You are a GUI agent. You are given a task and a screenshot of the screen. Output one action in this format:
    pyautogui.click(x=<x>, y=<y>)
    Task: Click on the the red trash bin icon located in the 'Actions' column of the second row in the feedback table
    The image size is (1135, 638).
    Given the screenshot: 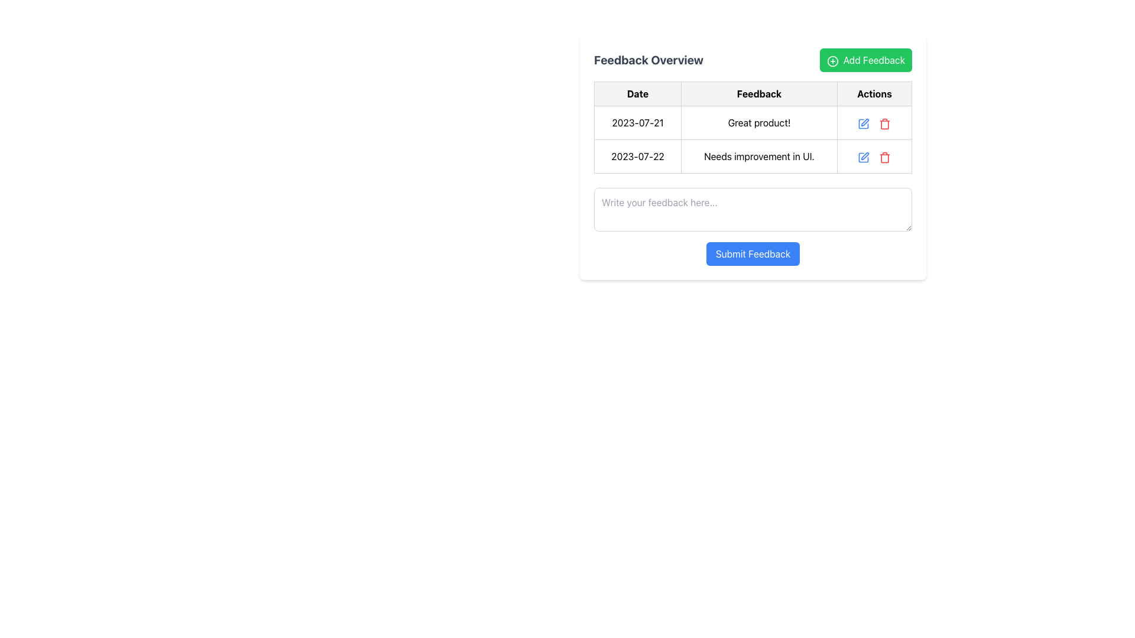 What is the action you would take?
    pyautogui.click(x=885, y=157)
    